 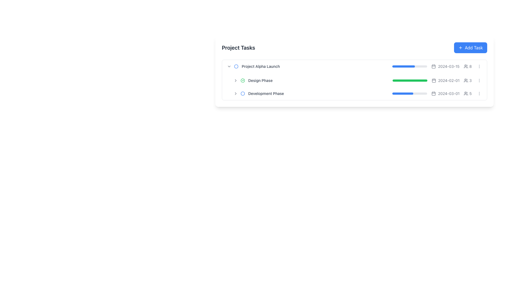 I want to click on the first row of the task list titled 'Project Alpha Launch', so click(x=355, y=66).